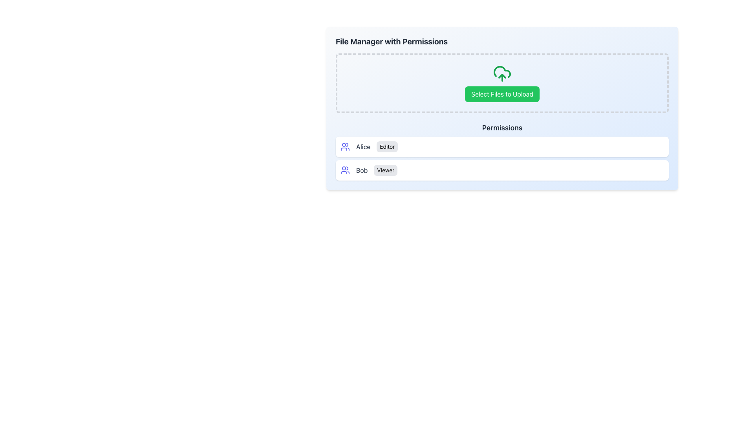 The height and width of the screenshot is (424, 754). Describe the element at coordinates (501, 128) in the screenshot. I see `the text label that serves as a header for the section, positioned centrally beneath the upload button section and above the list entries of users and their roles` at that location.